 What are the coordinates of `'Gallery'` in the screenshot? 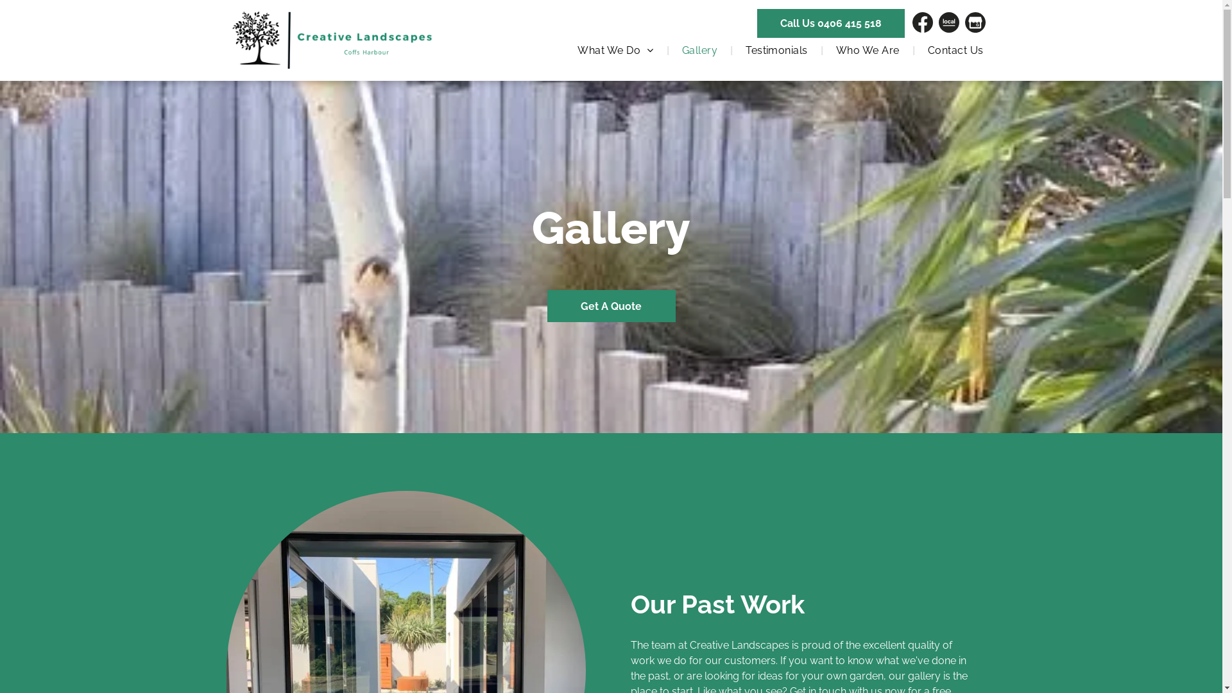 It's located at (699, 49).